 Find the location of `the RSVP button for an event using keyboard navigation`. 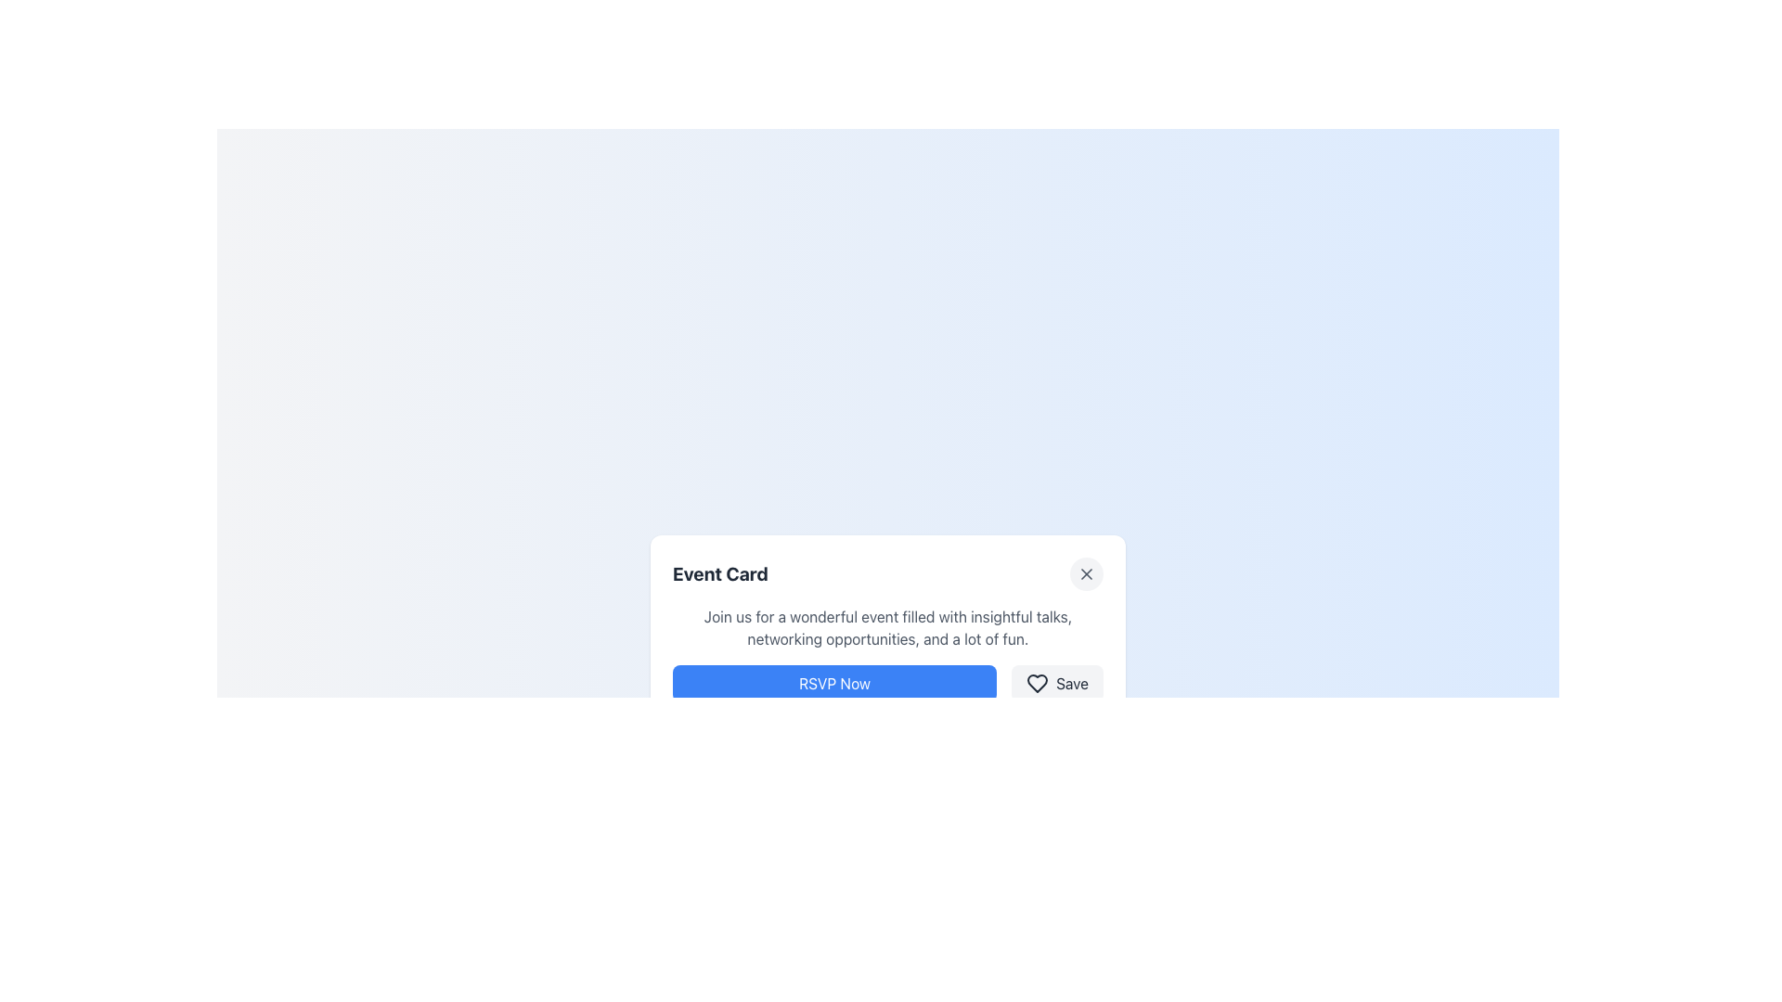

the RSVP button for an event using keyboard navigation is located at coordinates (833, 683).